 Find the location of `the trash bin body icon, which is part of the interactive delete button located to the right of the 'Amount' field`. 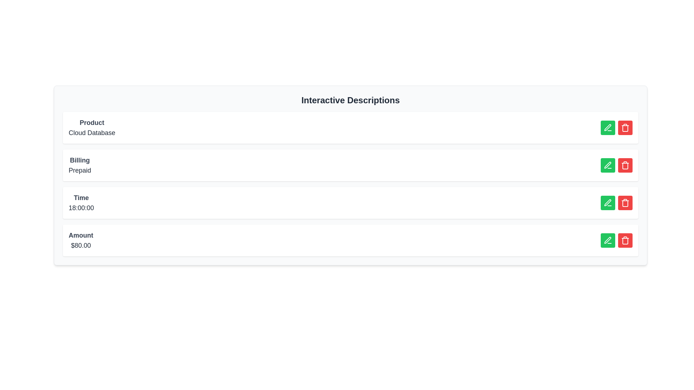

the trash bin body icon, which is part of the interactive delete button located to the right of the 'Amount' field is located at coordinates (625, 241).